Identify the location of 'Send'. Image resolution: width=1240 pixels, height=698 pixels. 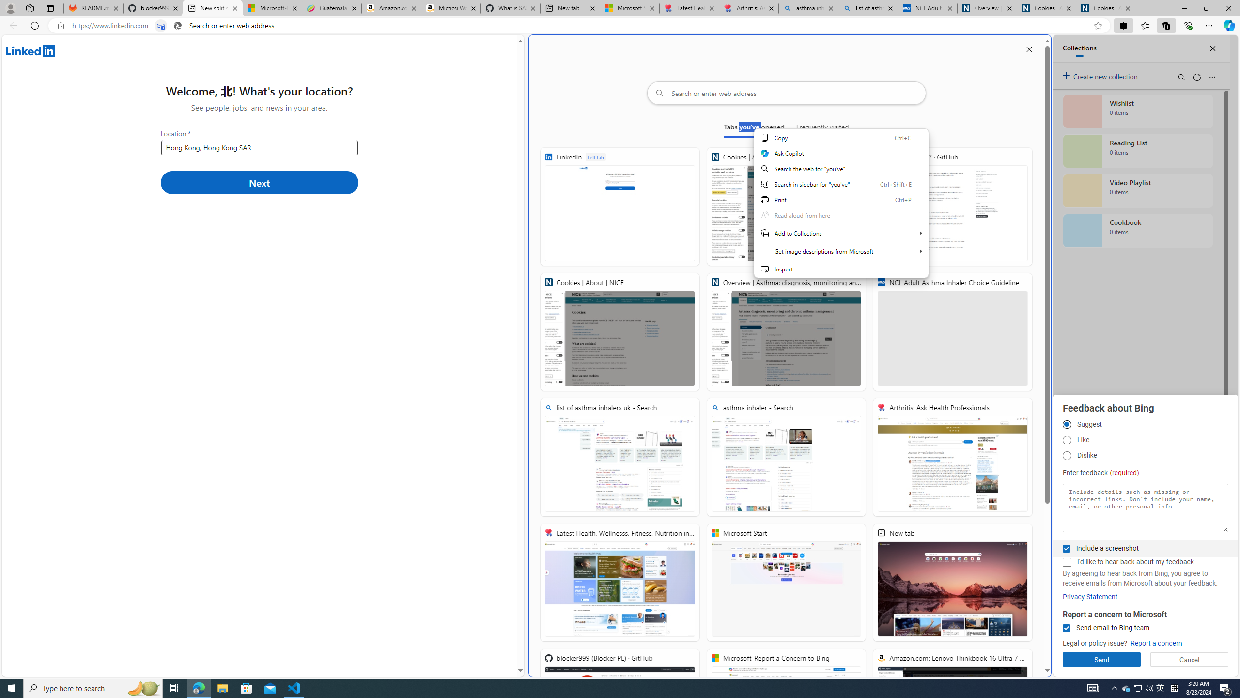
(1101, 659).